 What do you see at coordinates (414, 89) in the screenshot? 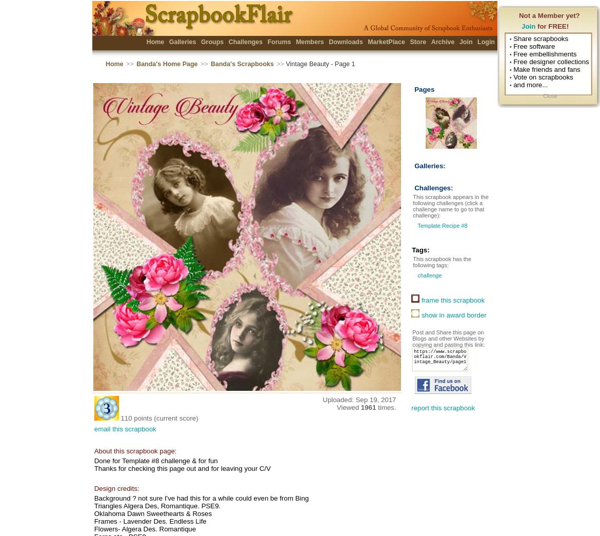
I see `'Pages'` at bounding box center [414, 89].